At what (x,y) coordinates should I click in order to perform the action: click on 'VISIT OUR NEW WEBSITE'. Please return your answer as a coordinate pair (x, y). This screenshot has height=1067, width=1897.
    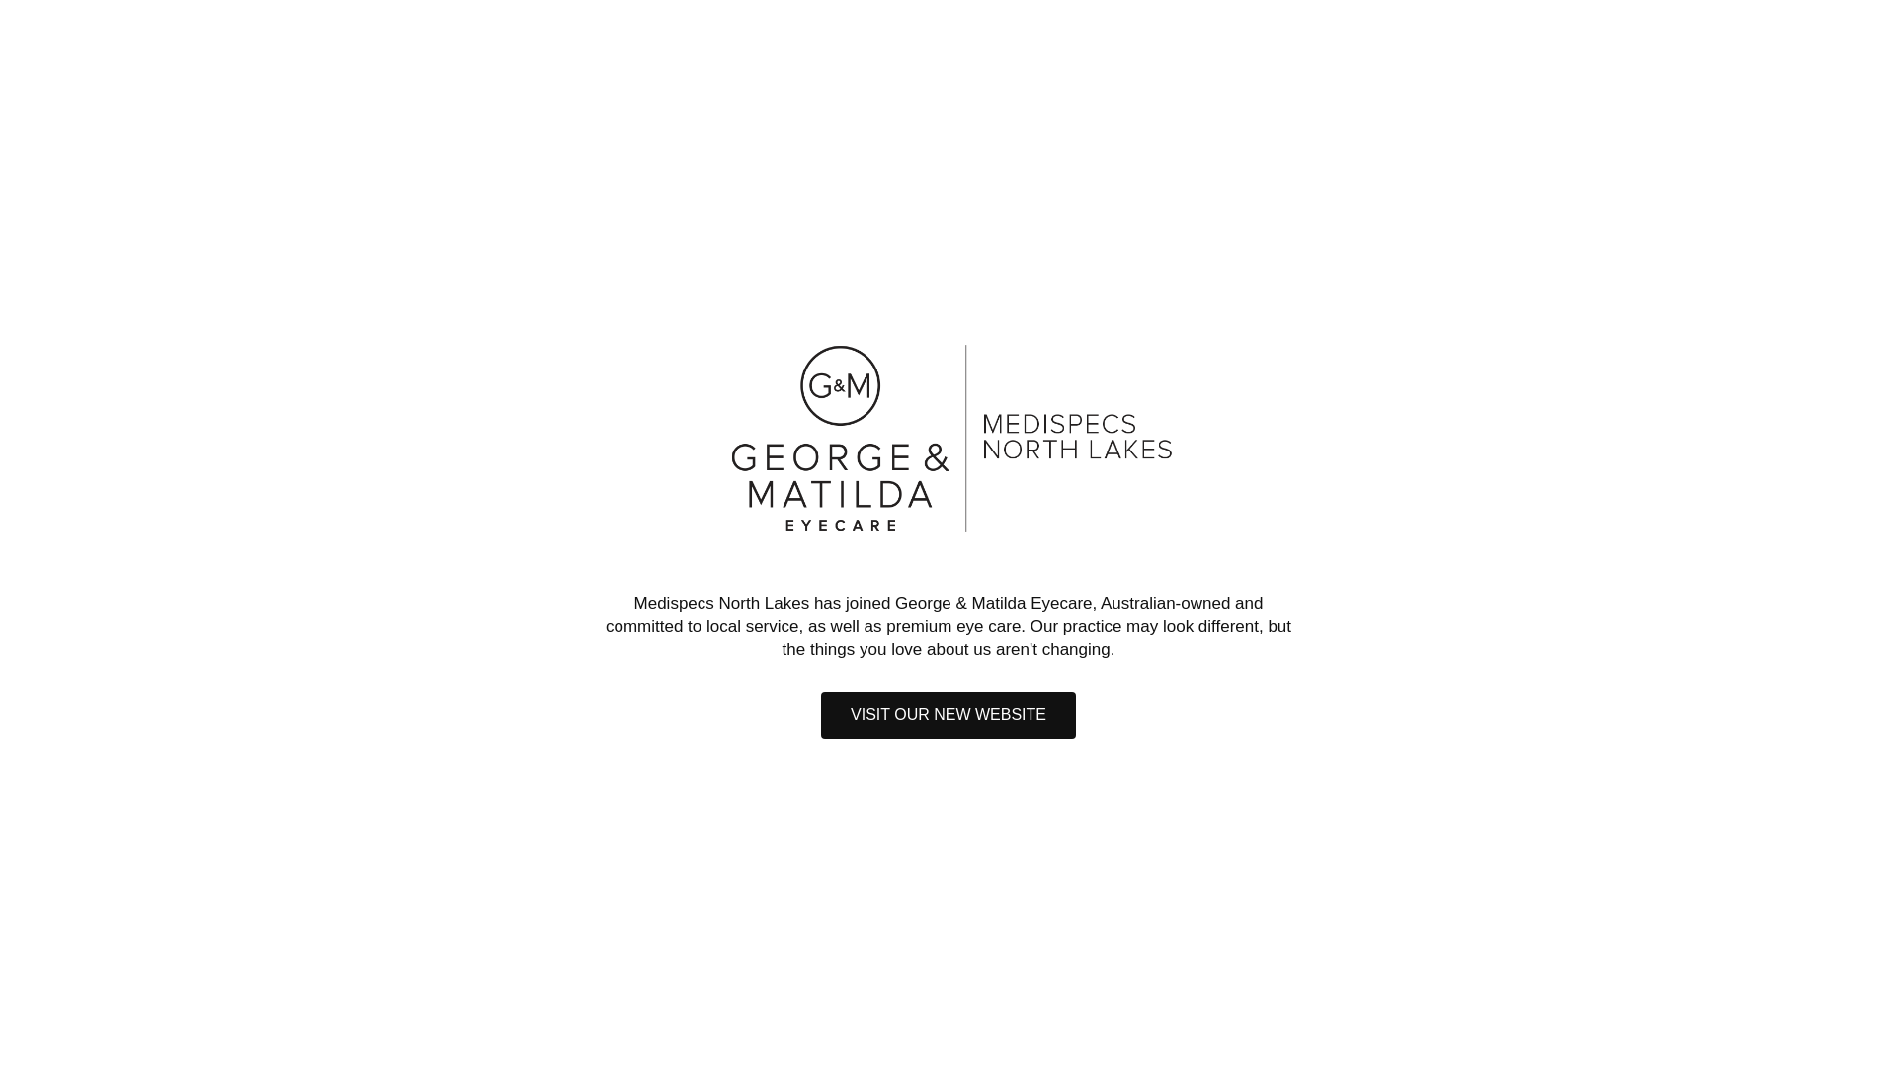
    Looking at the image, I should click on (948, 715).